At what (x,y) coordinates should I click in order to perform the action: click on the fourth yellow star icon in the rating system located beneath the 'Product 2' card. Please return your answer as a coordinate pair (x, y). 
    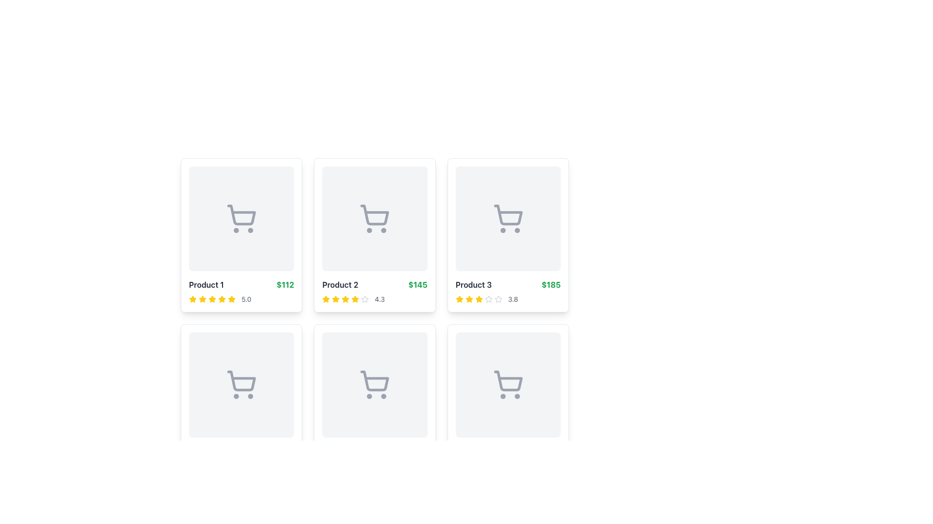
    Looking at the image, I should click on (346, 299).